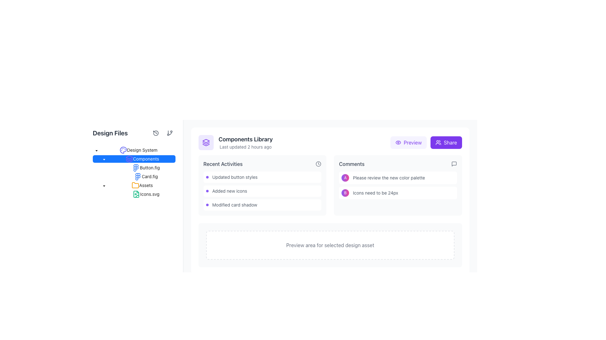 This screenshot has width=606, height=340. Describe the element at coordinates (446, 142) in the screenshot. I see `the sharing button located in the top-right section of the interface, adjacent to the 'Preview' button, to initiate sharing functionality` at that location.